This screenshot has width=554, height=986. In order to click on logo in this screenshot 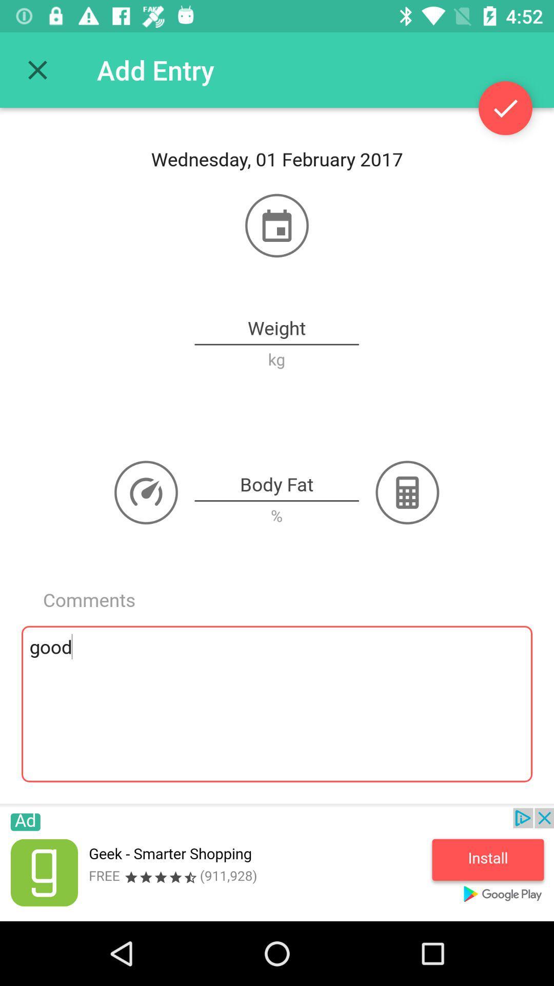, I will do `click(146, 492)`.